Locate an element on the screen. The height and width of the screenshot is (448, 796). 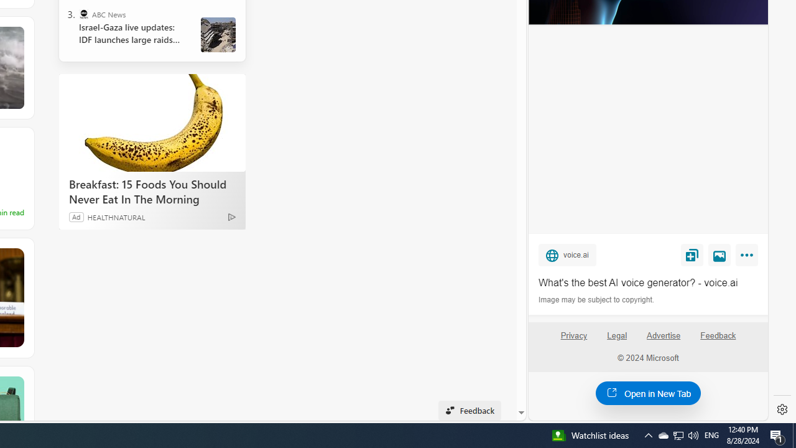
'Open in New Tab' is located at coordinates (647, 393).